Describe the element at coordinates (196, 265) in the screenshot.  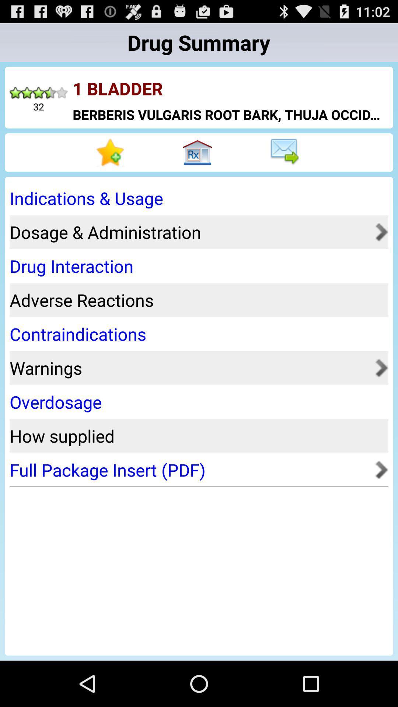
I see `drug interaction app` at that location.